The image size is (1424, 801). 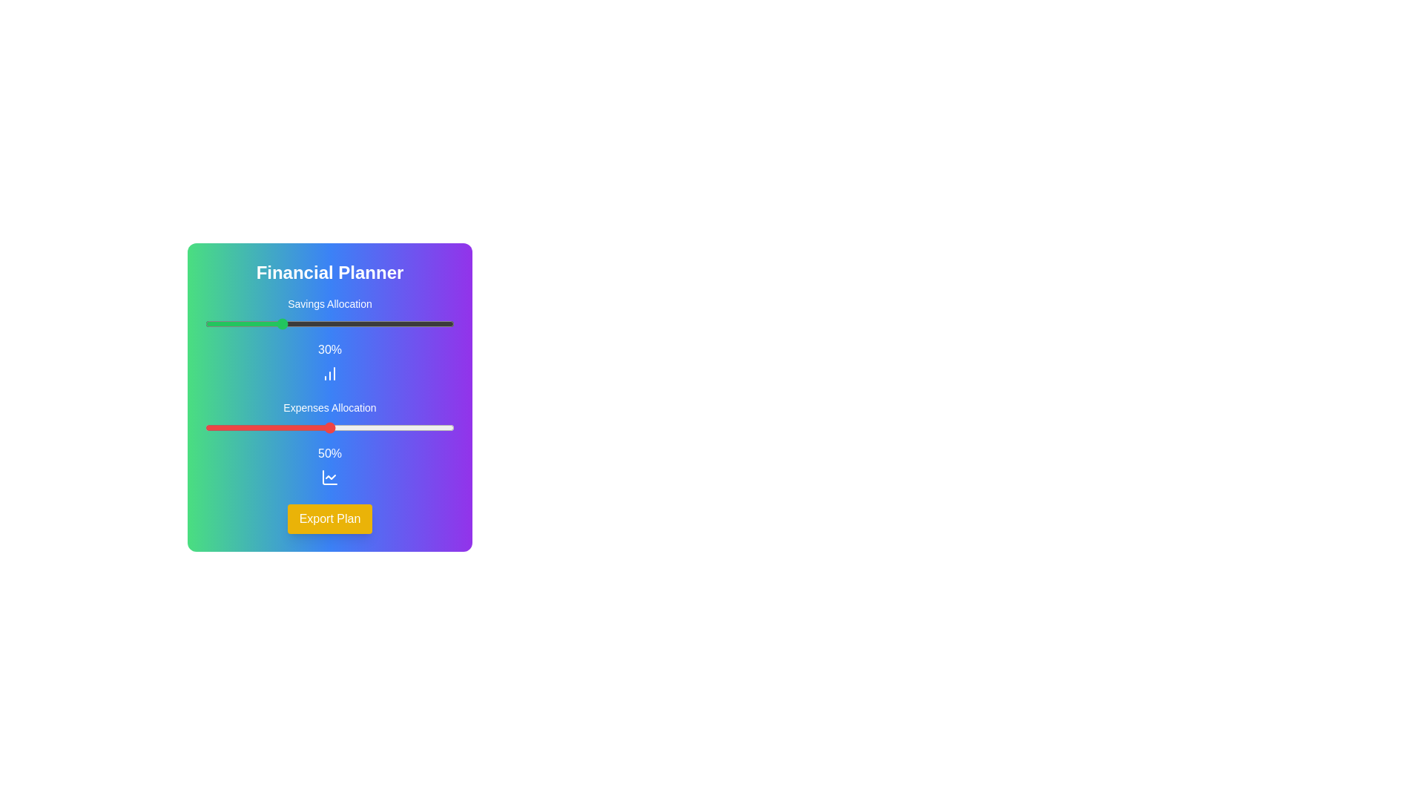 What do you see at coordinates (329, 397) in the screenshot?
I see `the Interactive Card for financial planning, which is centrally positioned and serves as the primary card in this section` at bounding box center [329, 397].